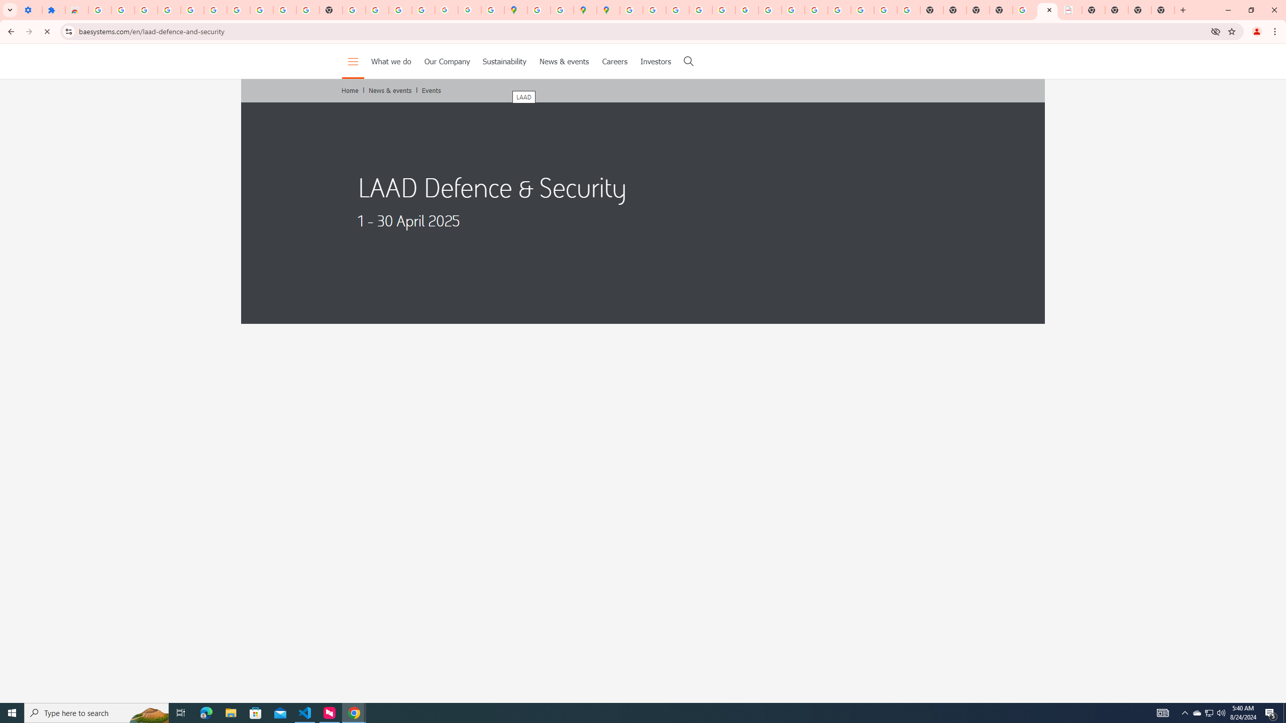 The width and height of the screenshot is (1286, 723). What do you see at coordinates (516, 10) in the screenshot?
I see `'Google Maps'` at bounding box center [516, 10].